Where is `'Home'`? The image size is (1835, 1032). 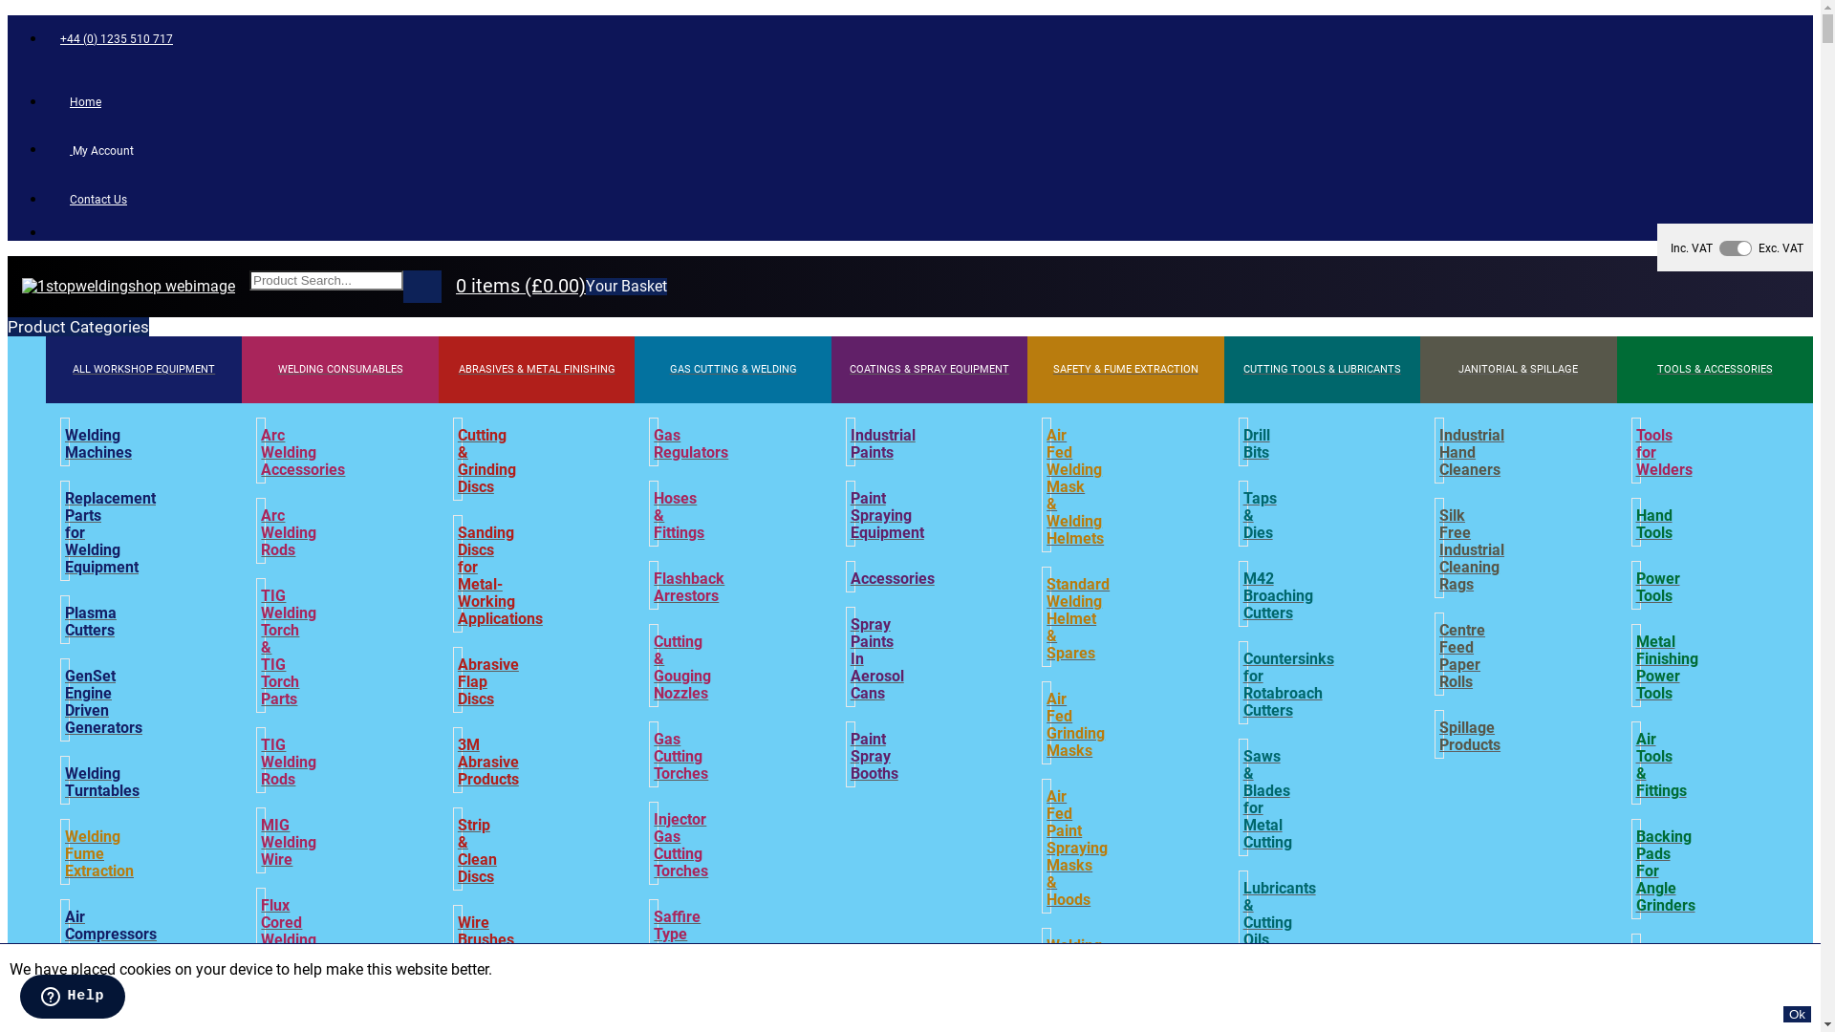 'Home' is located at coordinates (46, 101).